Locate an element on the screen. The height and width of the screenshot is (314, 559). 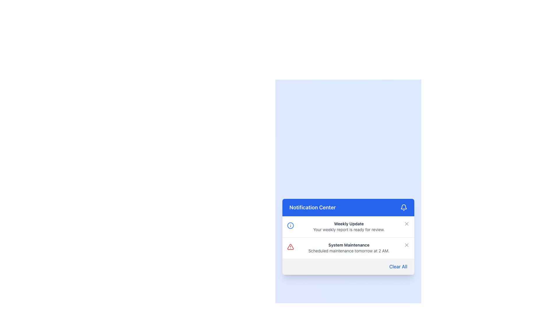
information displayed in the 'System Maintenance' text block located in the 'Notification Center', specifically the lines 'System Maintenance' and 'Scheduled maintenance tomorrow at 2 AM.' is located at coordinates (349, 248).